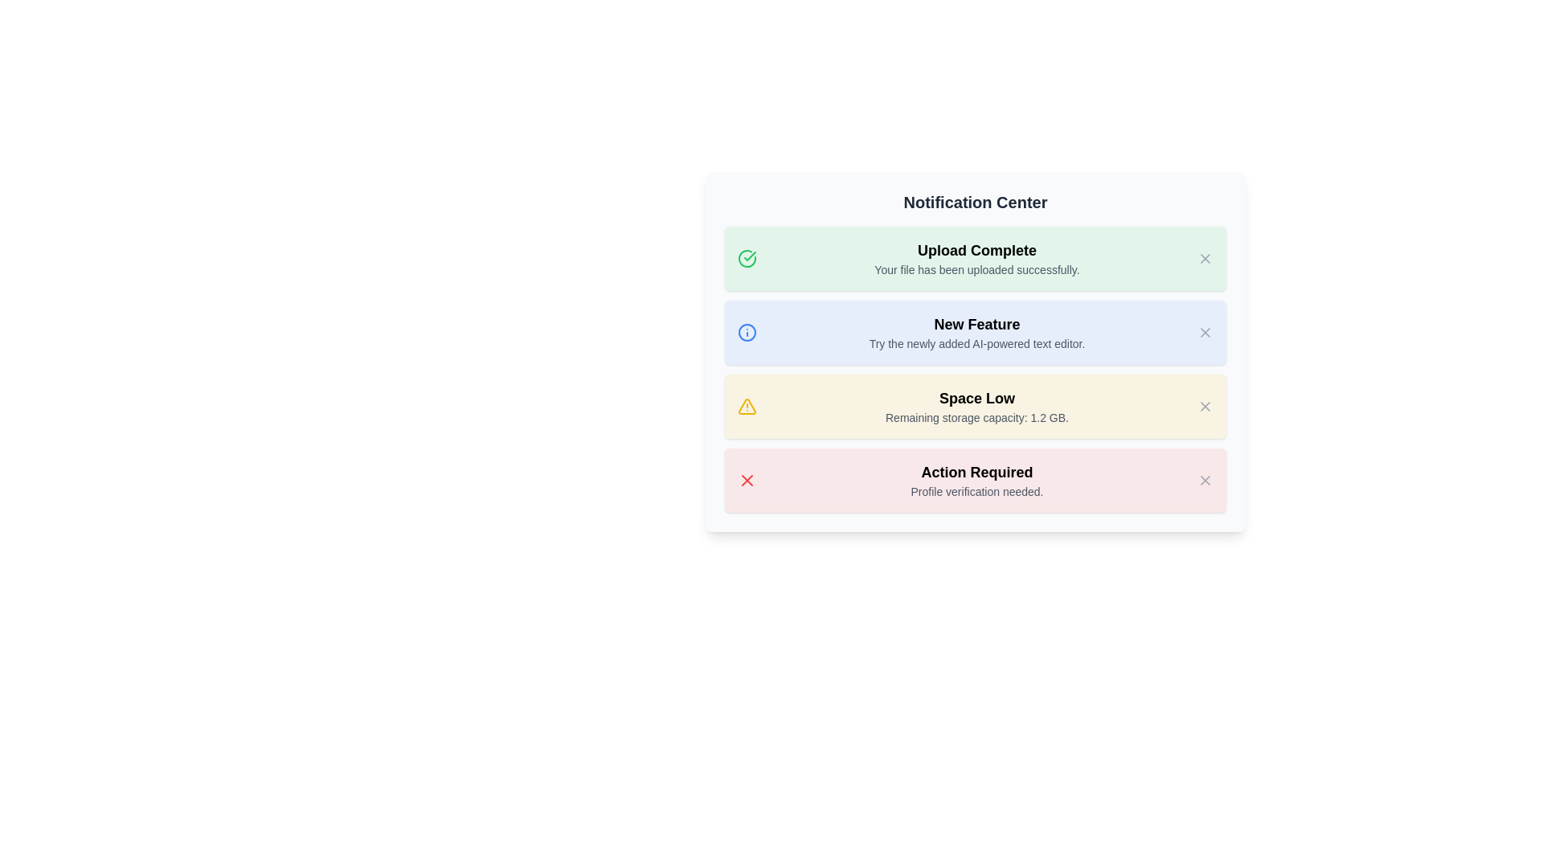 The height and width of the screenshot is (868, 1543). What do you see at coordinates (976, 325) in the screenshot?
I see `the 'New Feature' title/header text located at the top of the blue notification box in the 'Notification Center'` at bounding box center [976, 325].